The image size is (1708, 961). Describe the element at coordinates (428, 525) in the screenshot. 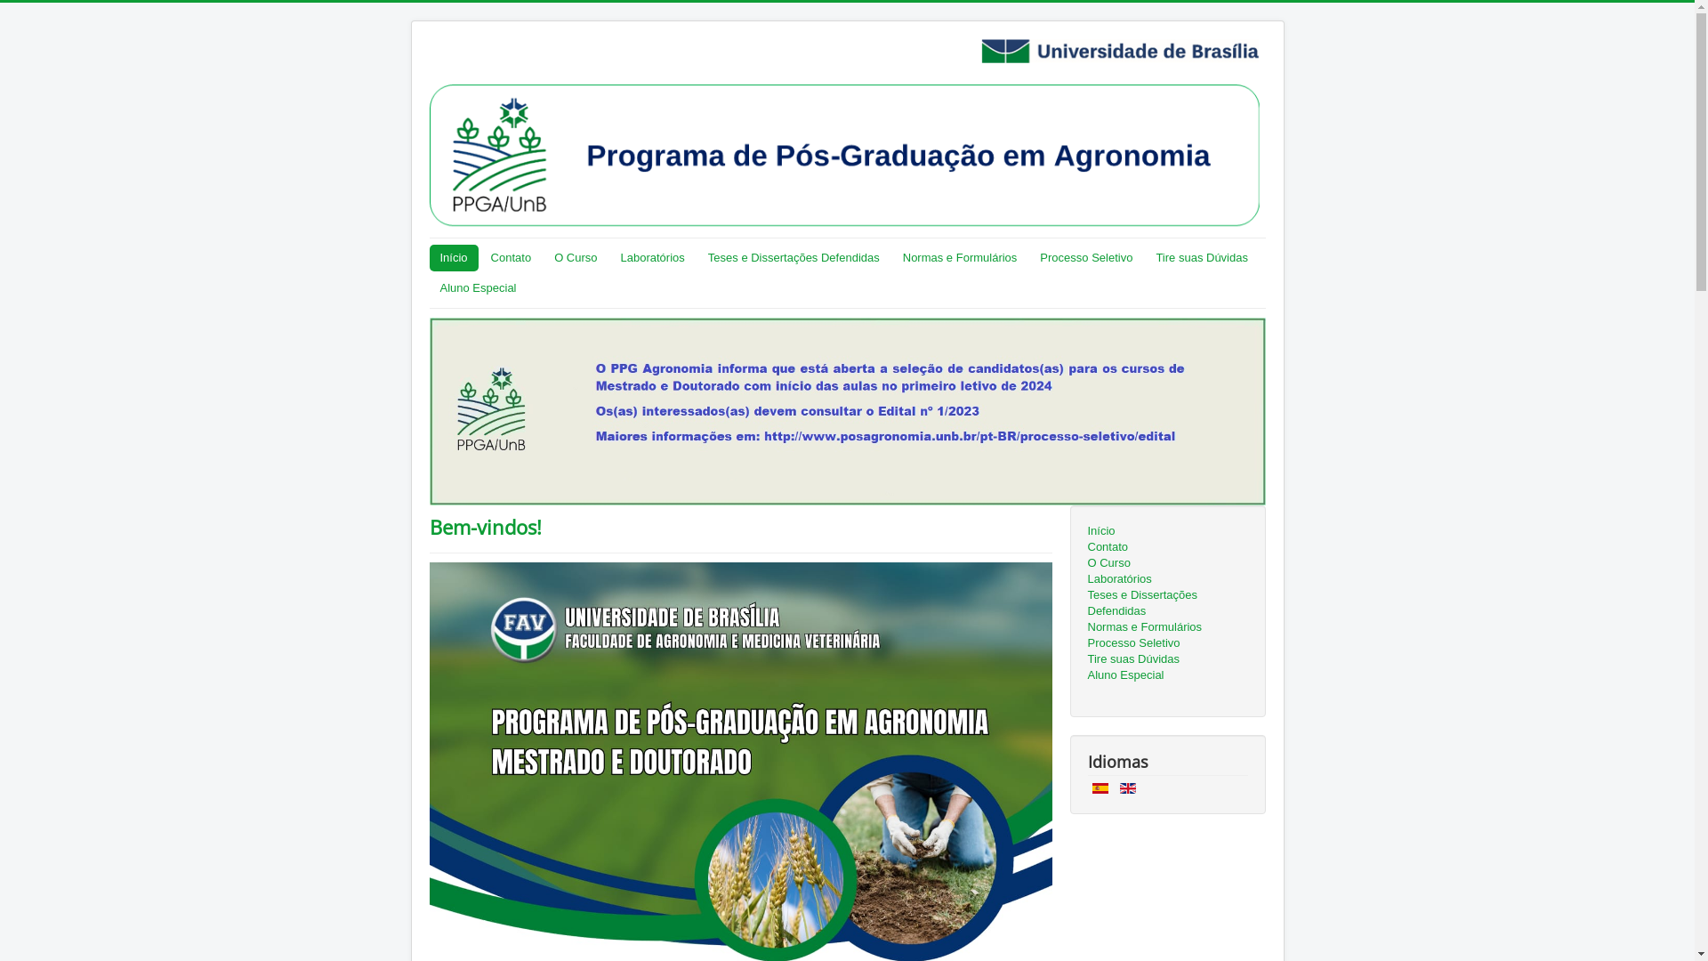

I see `'Bem-vindos!'` at that location.